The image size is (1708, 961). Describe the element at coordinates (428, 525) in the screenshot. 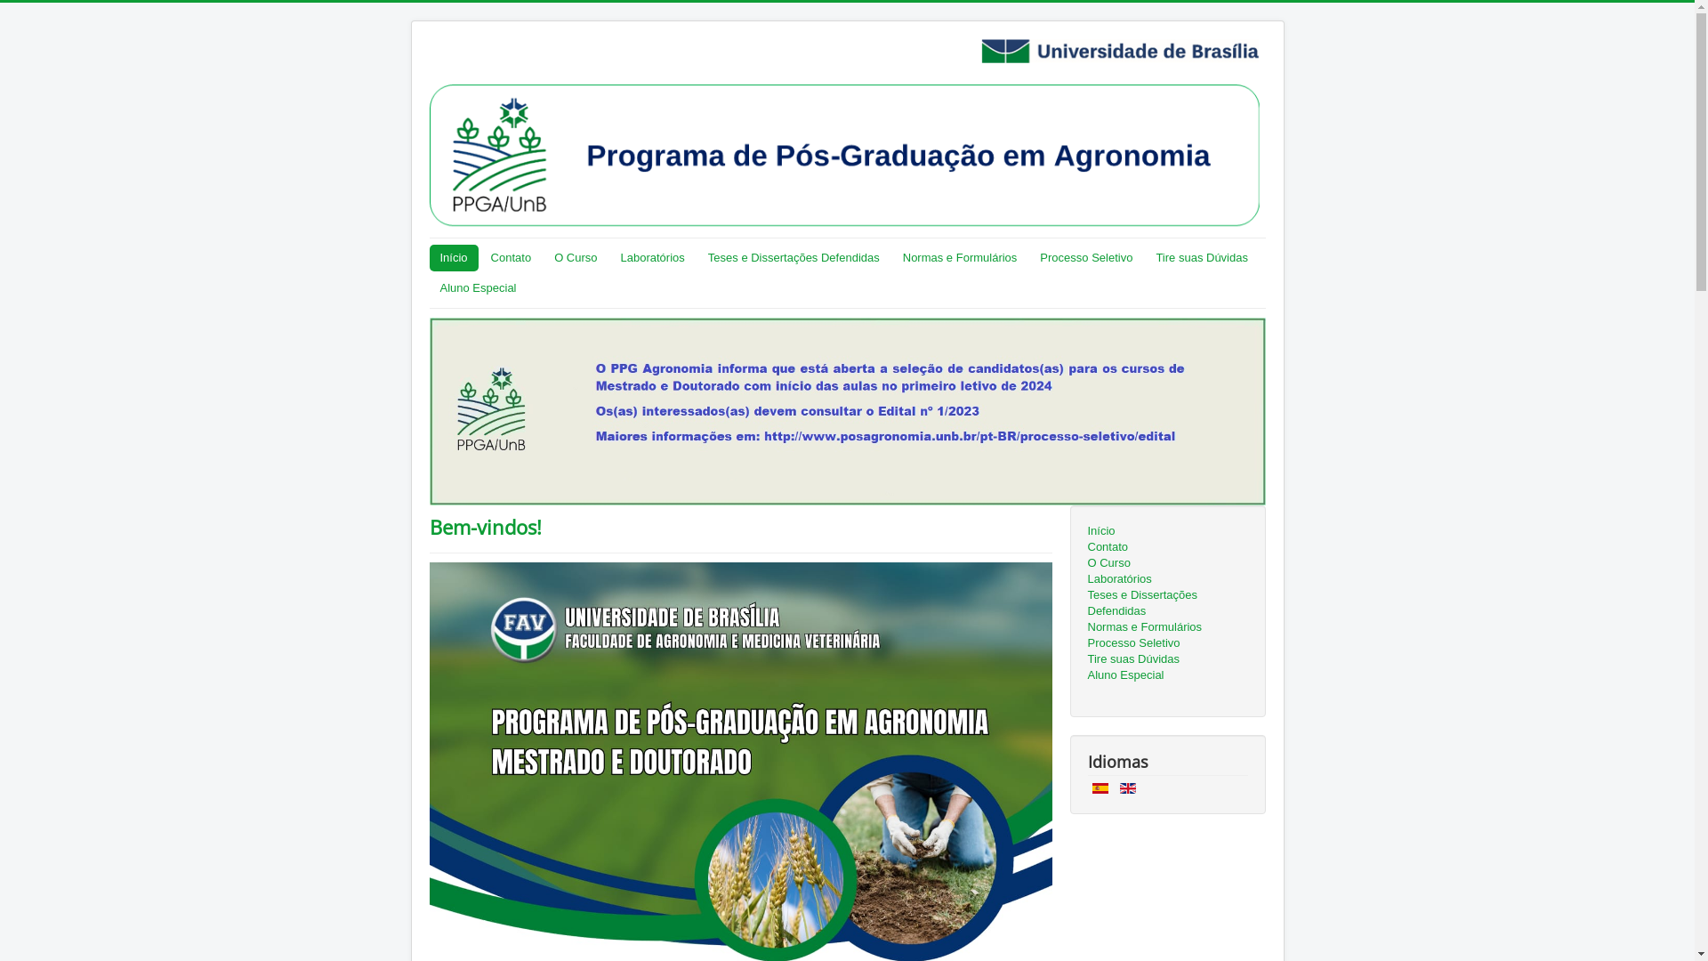

I see `'Bem-vindos!'` at that location.